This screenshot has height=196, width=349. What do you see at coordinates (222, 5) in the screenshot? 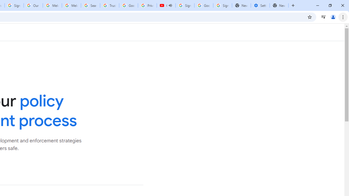
I see `'Sign in - Google Accounts'` at bounding box center [222, 5].